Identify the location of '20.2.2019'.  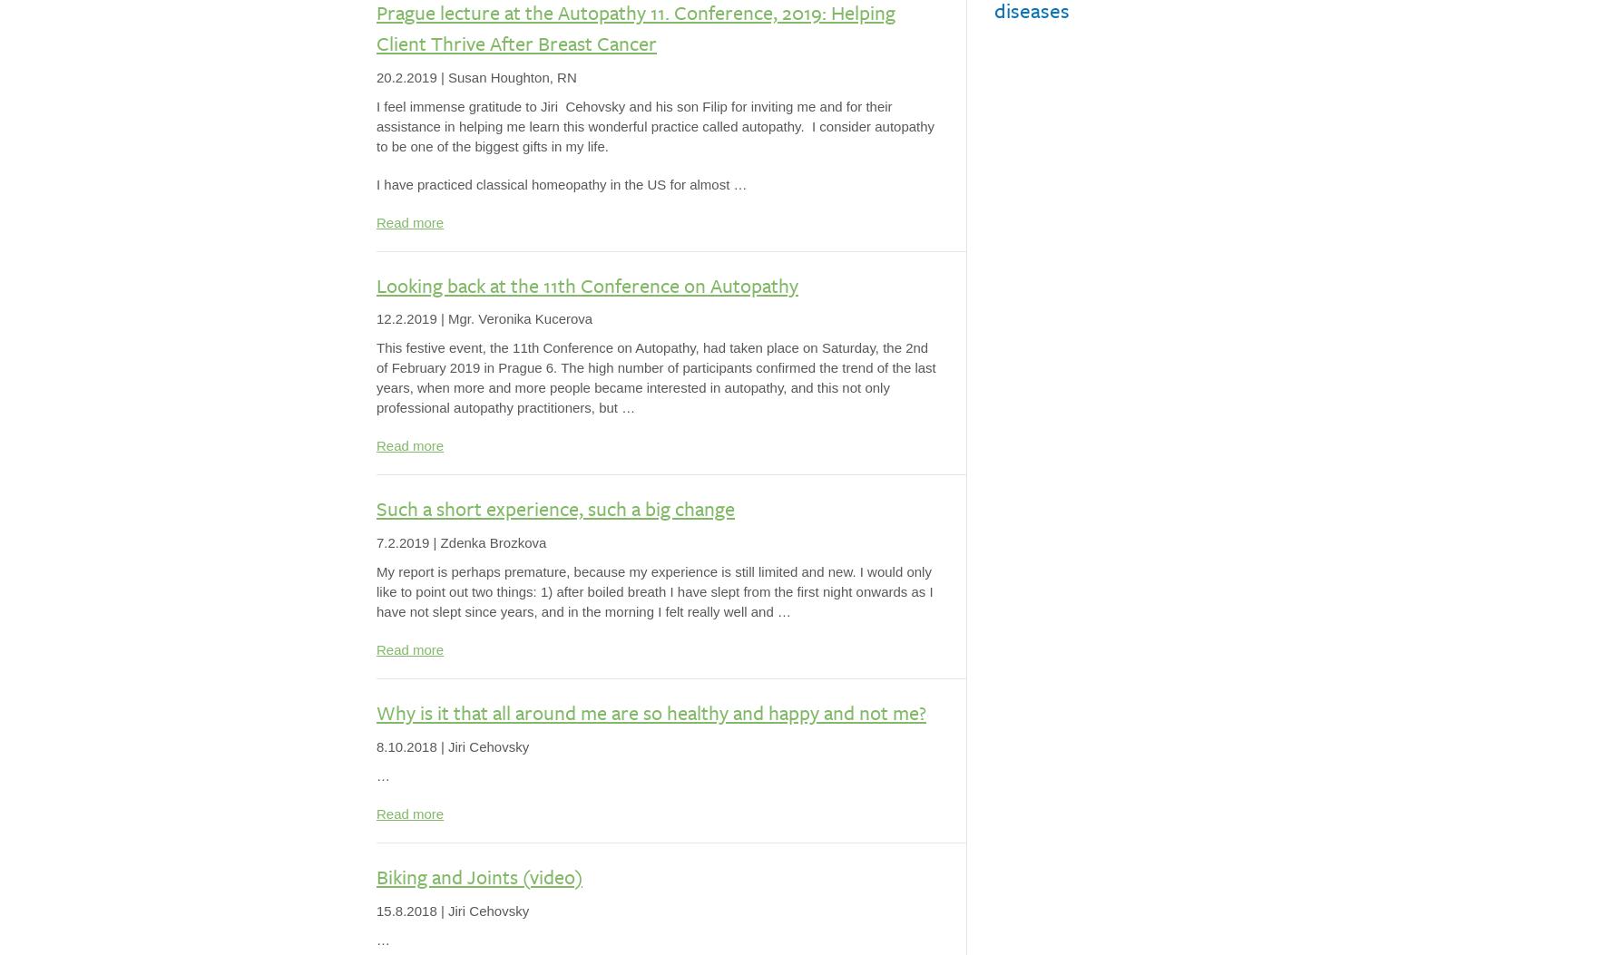
(406, 75).